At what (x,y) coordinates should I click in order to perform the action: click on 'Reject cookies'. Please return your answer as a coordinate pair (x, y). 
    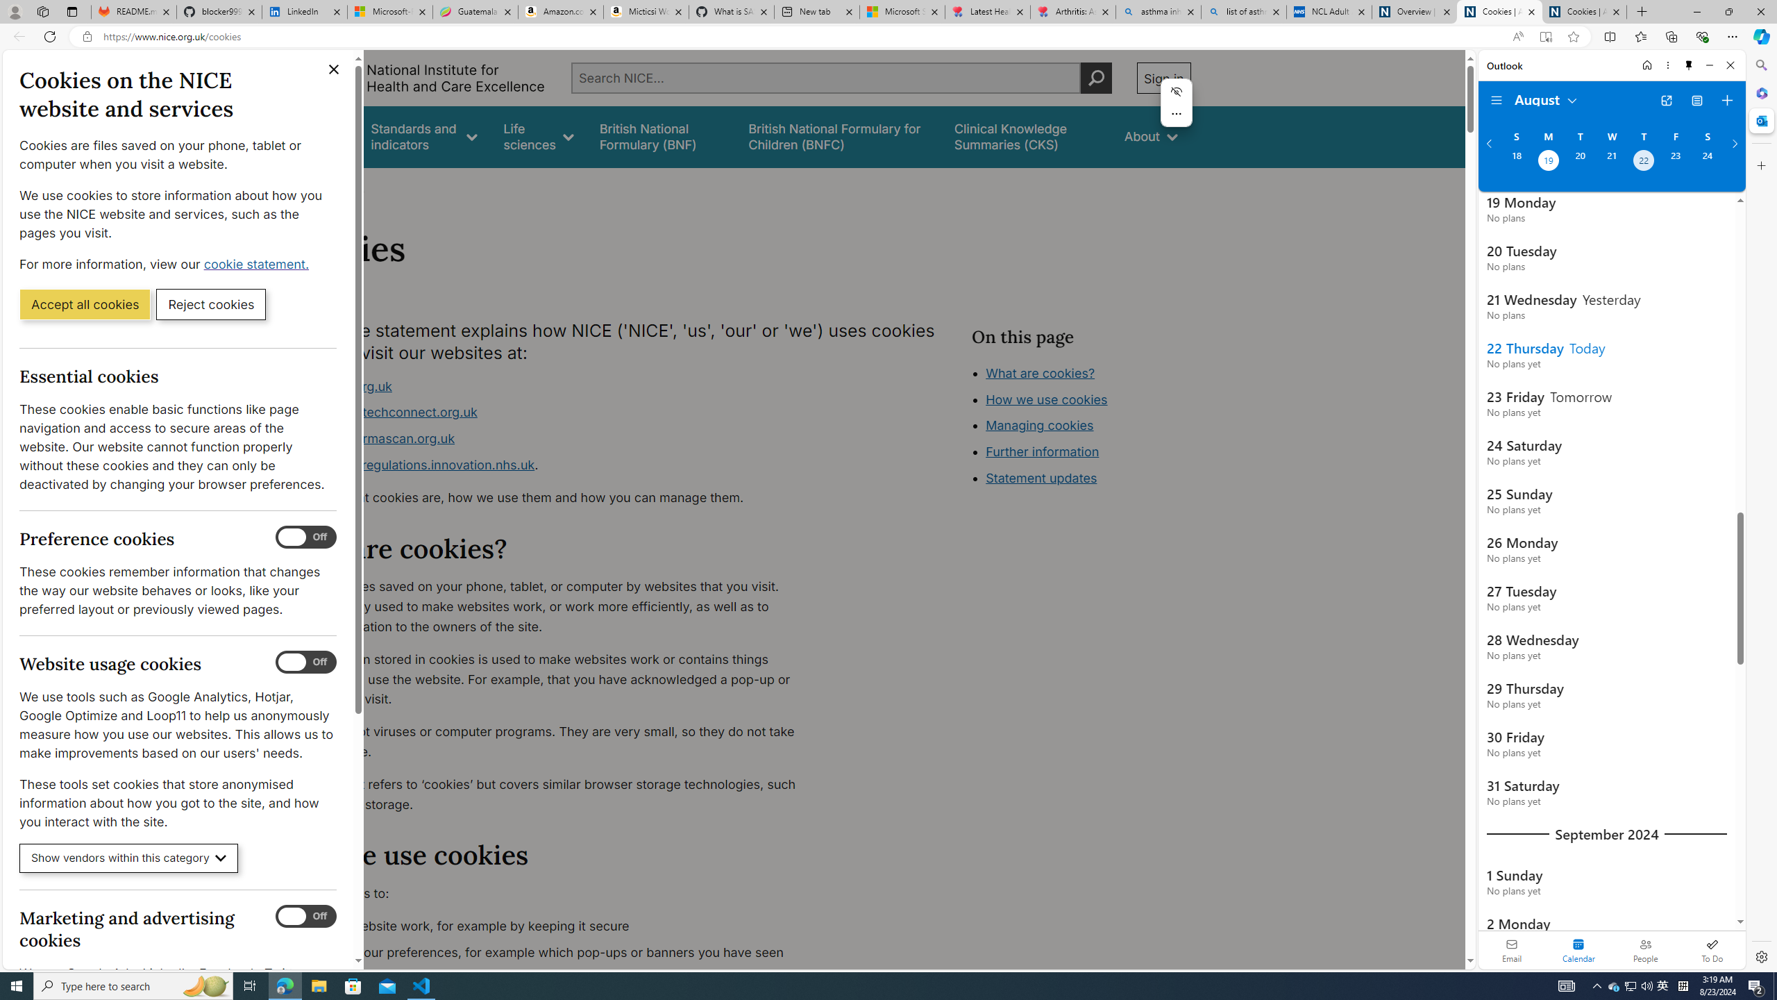
    Looking at the image, I should click on (210, 303).